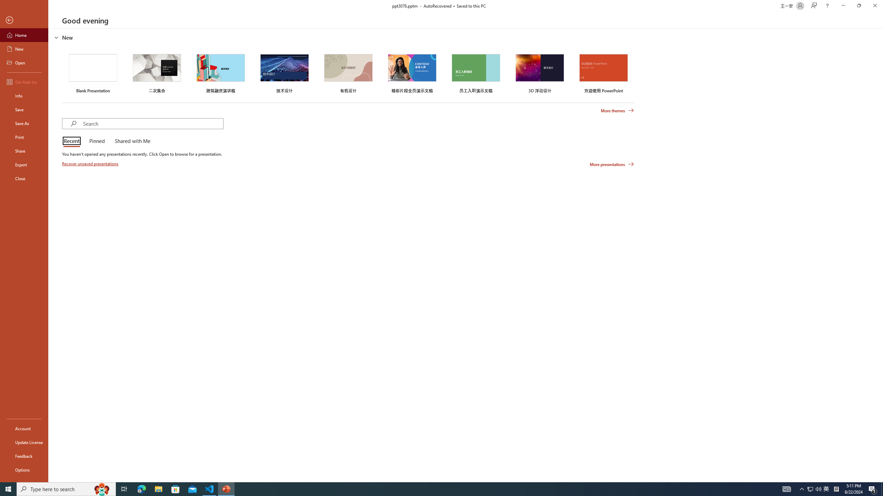 Image resolution: width=883 pixels, height=496 pixels. Describe the element at coordinates (612, 164) in the screenshot. I see `'More presentations'` at that location.